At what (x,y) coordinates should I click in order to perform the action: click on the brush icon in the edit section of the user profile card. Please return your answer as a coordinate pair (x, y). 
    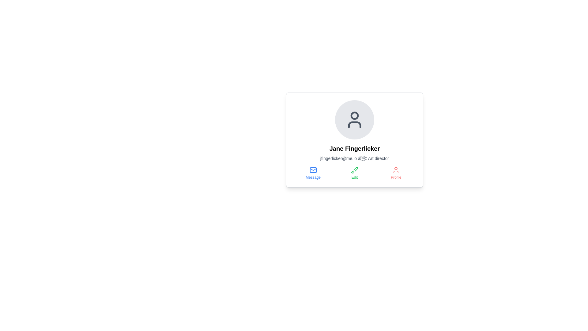
    Looking at the image, I should click on (354, 170).